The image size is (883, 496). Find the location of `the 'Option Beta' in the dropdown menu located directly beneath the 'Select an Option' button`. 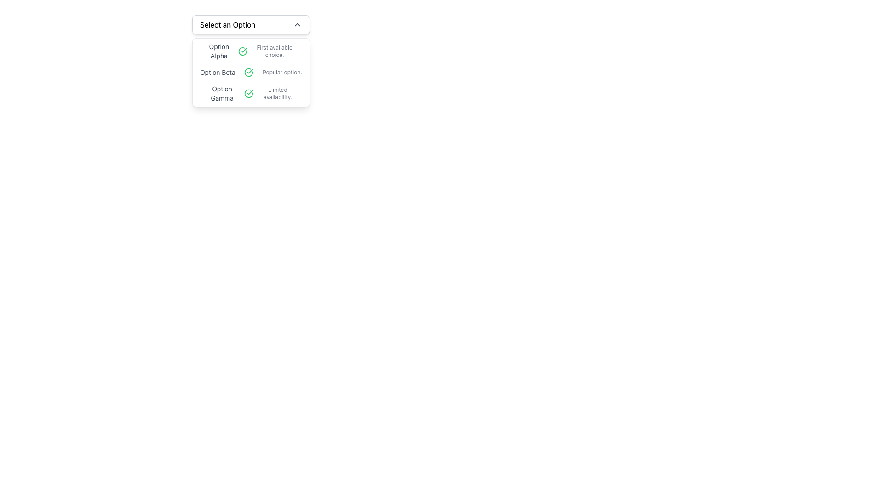

the 'Option Beta' in the dropdown menu located directly beneath the 'Select an Option' button is located at coordinates (251, 72).